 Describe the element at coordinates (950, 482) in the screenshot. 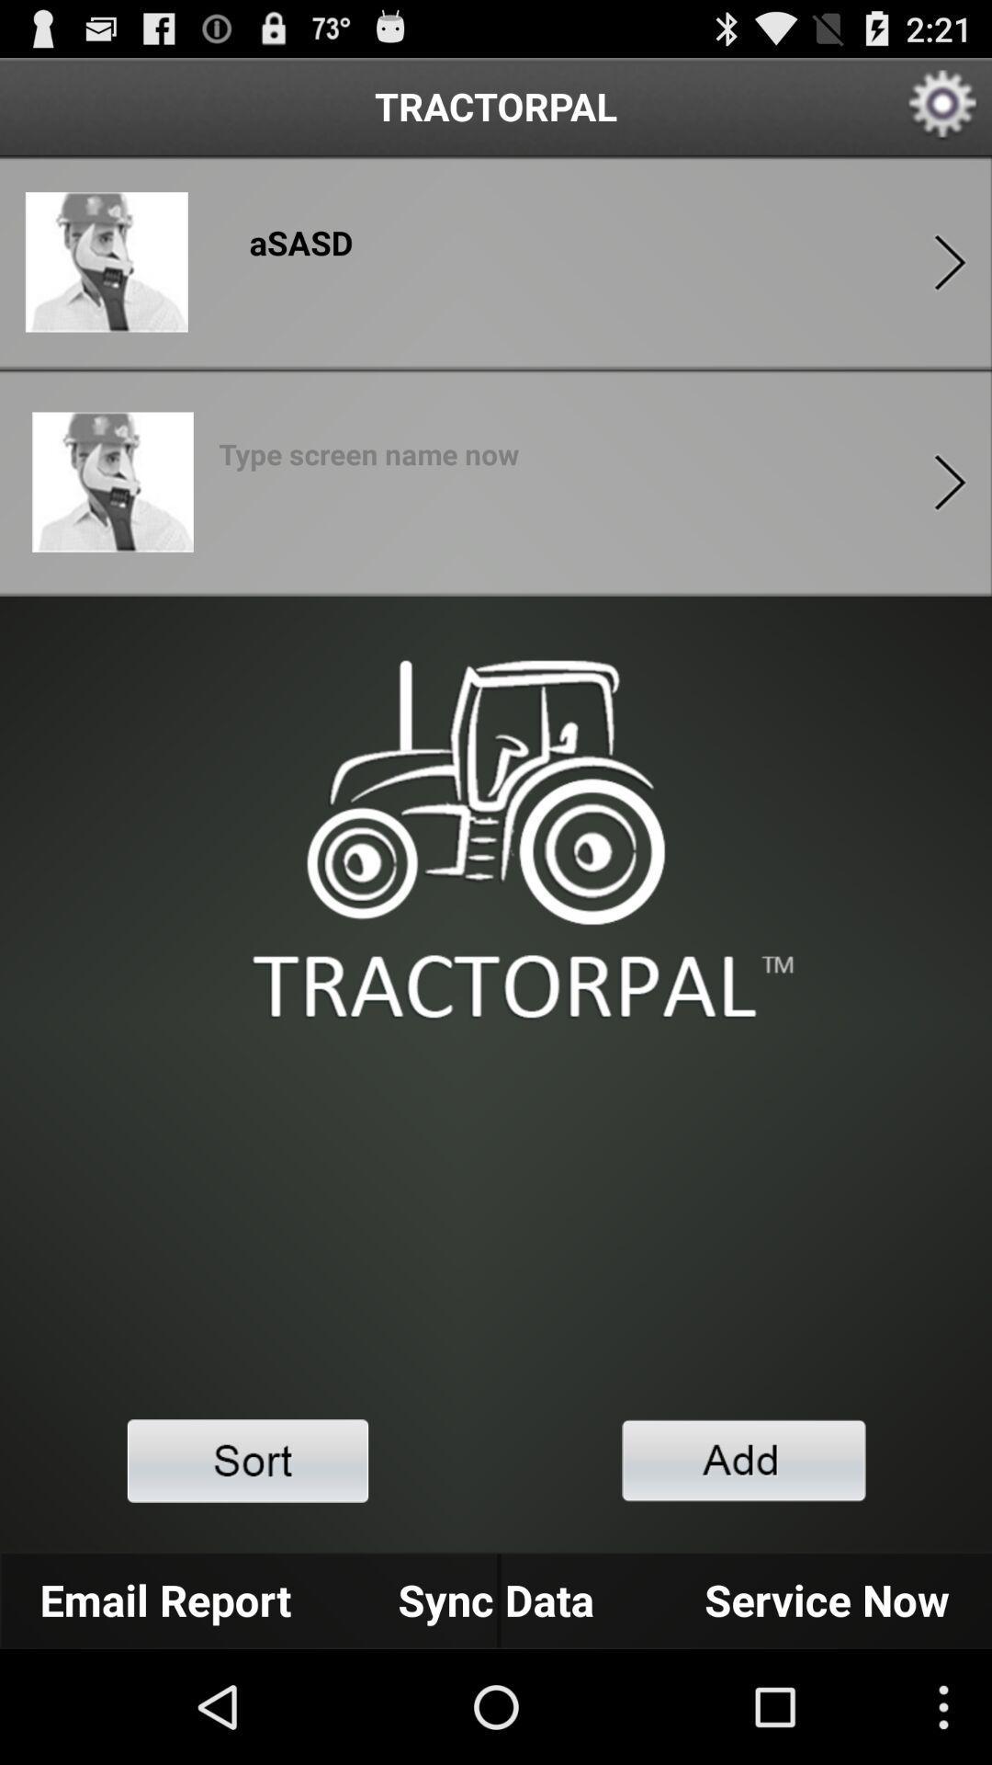

I see `forwad` at that location.